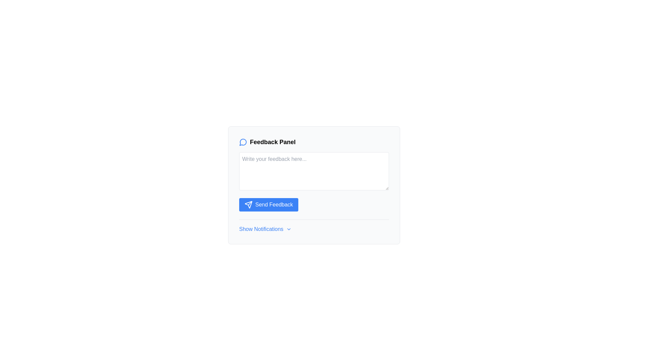 Image resolution: width=645 pixels, height=362 pixels. Describe the element at coordinates (243, 142) in the screenshot. I see `the blue outlined circular speech bubble icon located adjacent to the left of the 'Feedback Panel' text` at that location.